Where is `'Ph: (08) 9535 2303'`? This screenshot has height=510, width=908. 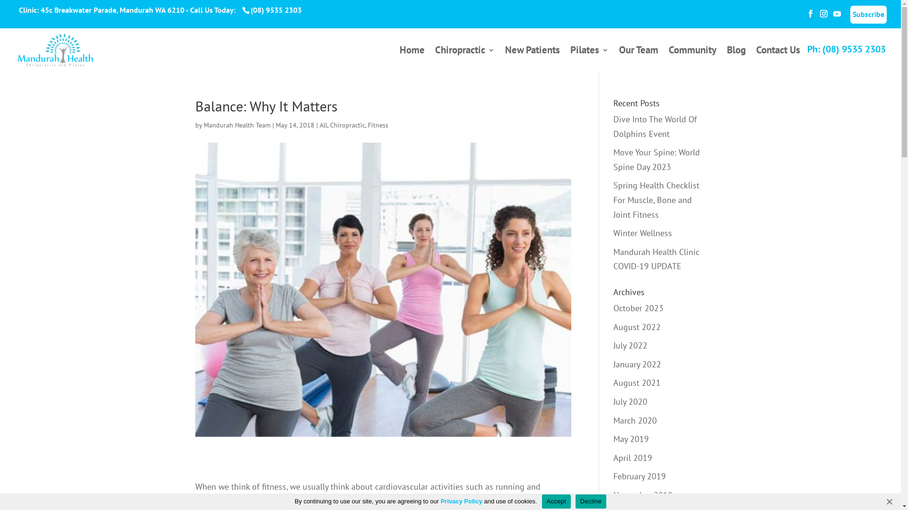 'Ph: (08) 9535 2303' is located at coordinates (847, 49).